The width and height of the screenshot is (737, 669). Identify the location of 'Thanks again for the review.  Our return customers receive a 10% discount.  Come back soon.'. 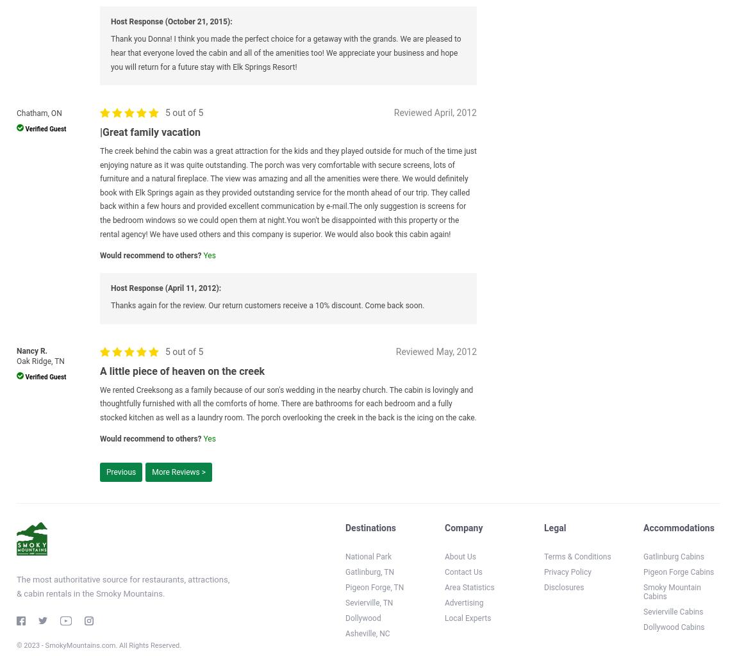
(267, 306).